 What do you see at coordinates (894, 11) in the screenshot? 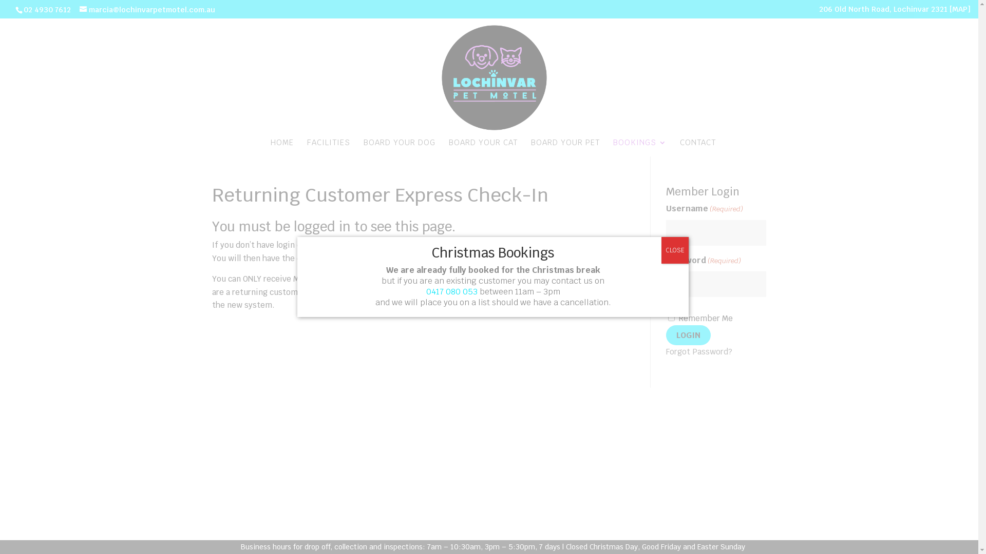
I see `'206 Old North Road, Lochinvar 2321 [MAP]'` at bounding box center [894, 11].